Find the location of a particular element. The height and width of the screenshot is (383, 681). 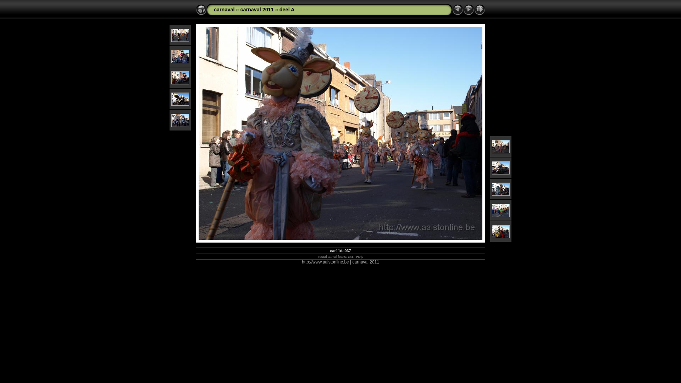

'deel A' is located at coordinates (279, 10).